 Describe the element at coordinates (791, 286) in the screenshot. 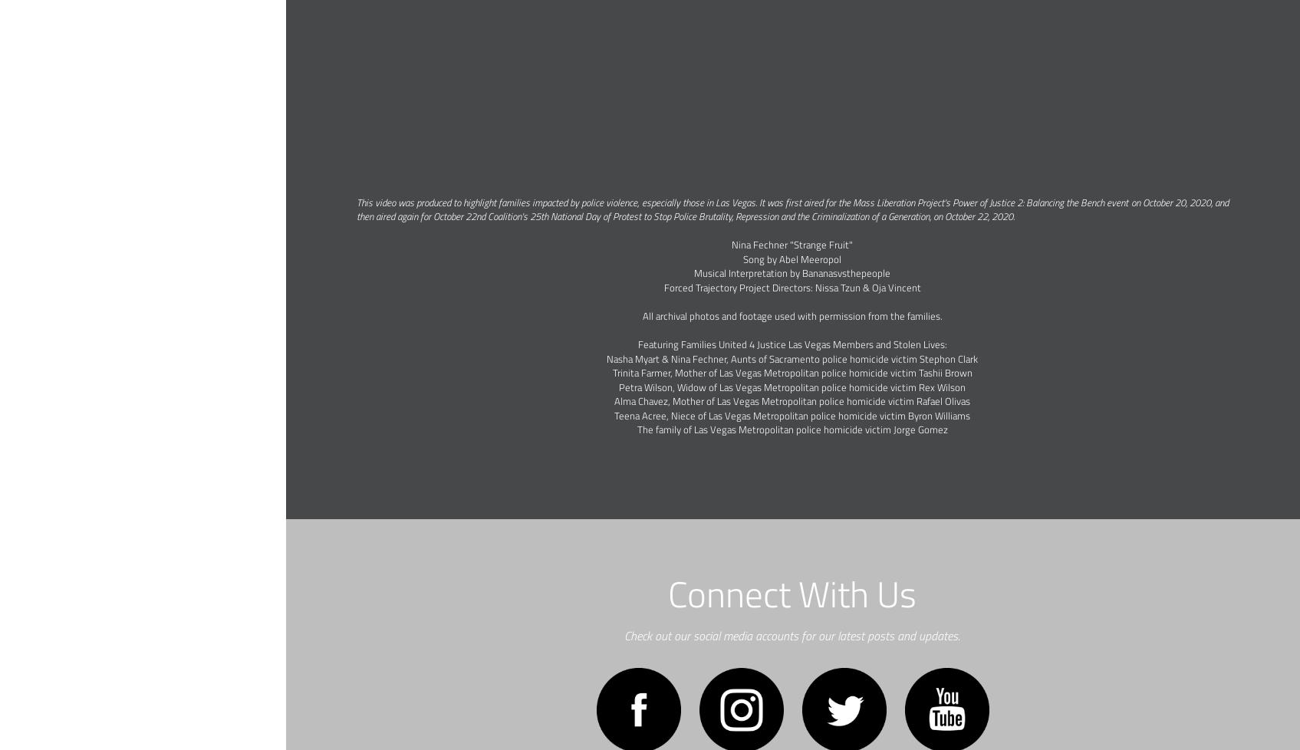

I see `'Forced Trajectory Project Directors: Nissa Tzun & Oja Vincent'` at that location.